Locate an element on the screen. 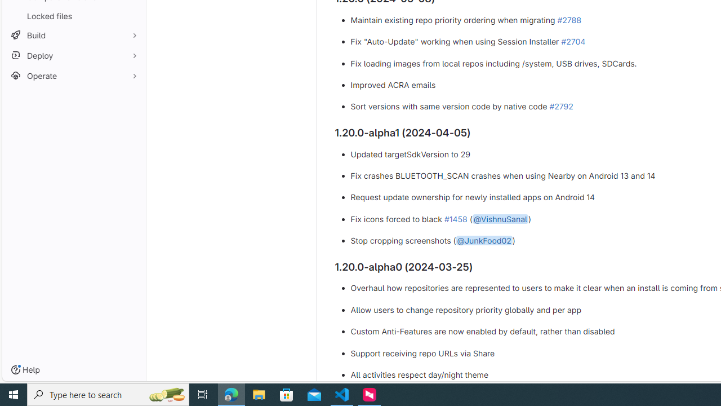  '#2792' is located at coordinates (561, 107).